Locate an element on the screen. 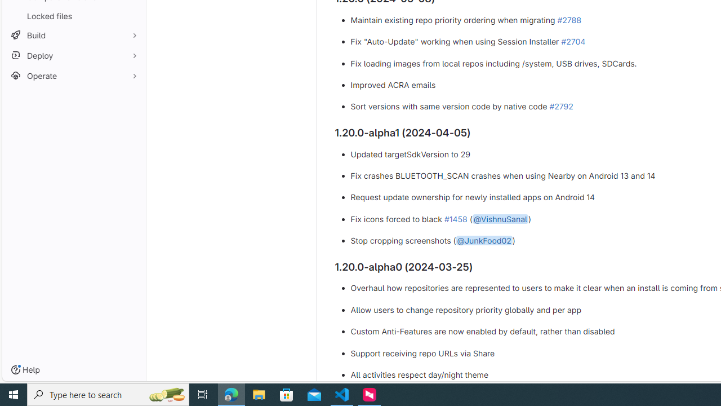  '#2792' is located at coordinates (561, 107).